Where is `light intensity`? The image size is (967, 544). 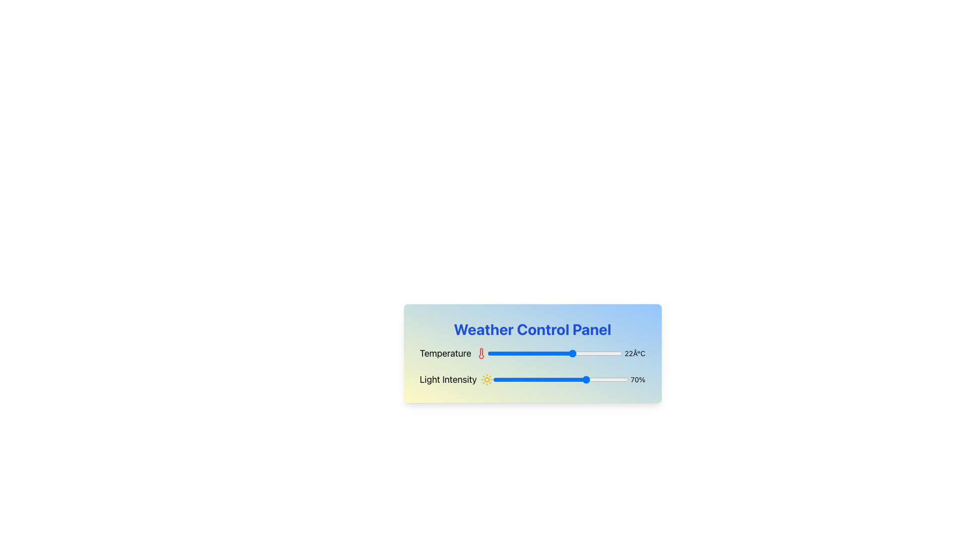 light intensity is located at coordinates (557, 379).